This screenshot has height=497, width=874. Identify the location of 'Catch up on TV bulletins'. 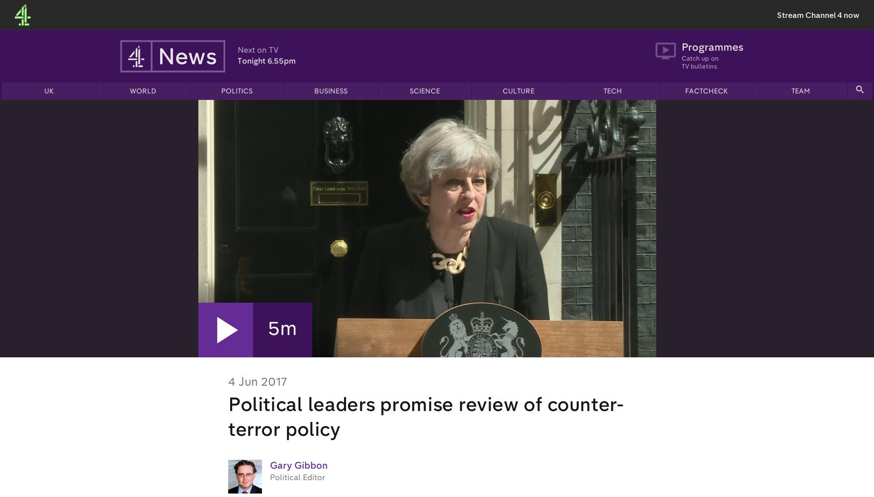
(681, 63).